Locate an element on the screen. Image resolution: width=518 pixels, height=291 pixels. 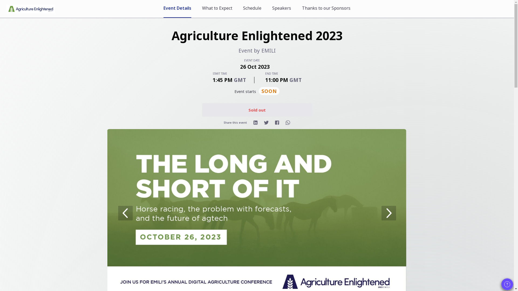
'Sold out' is located at coordinates (256, 110).